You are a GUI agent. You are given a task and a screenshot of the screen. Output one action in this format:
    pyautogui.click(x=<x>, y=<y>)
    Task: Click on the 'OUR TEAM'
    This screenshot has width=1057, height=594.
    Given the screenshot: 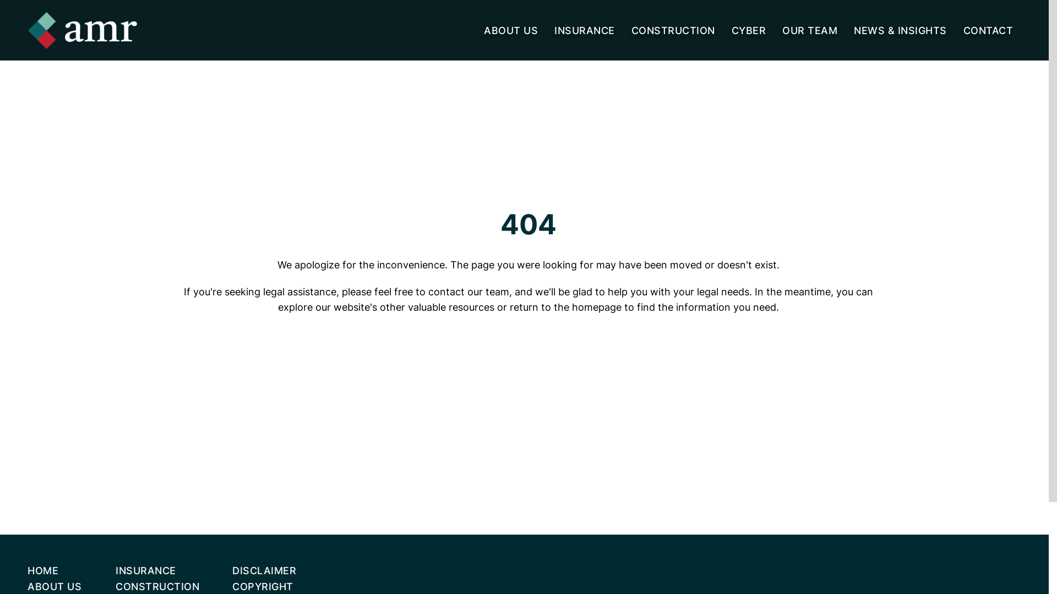 What is the action you would take?
    pyautogui.click(x=809, y=29)
    